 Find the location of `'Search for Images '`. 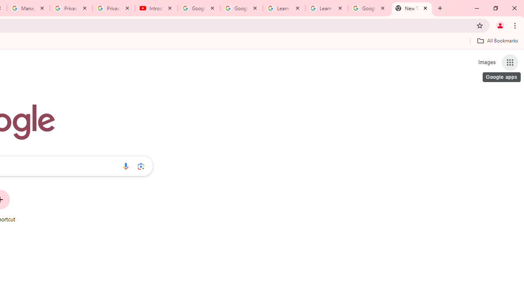

'Search for Images ' is located at coordinates (487, 62).